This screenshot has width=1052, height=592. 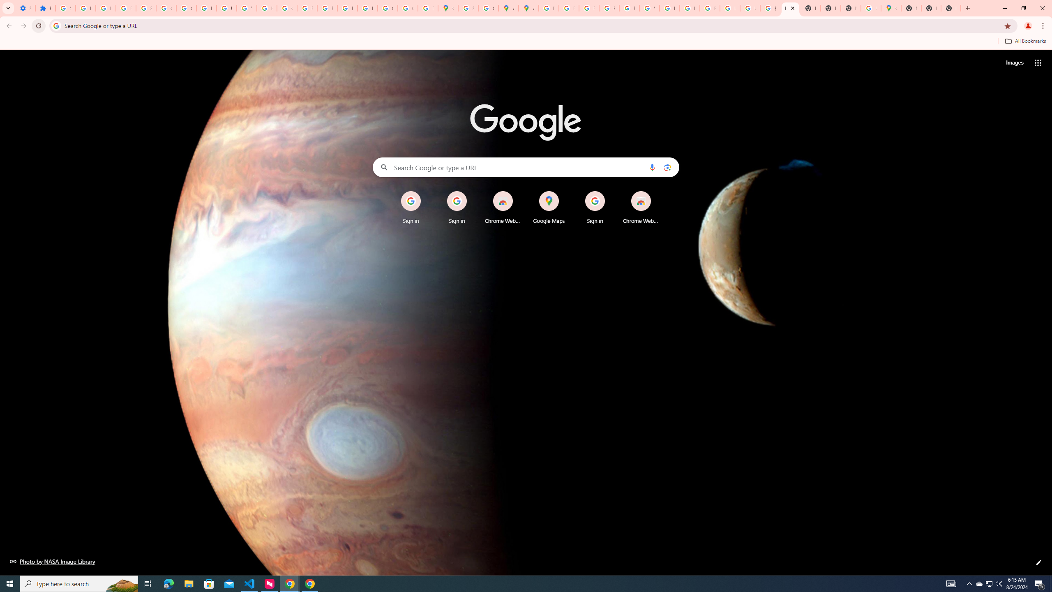 I want to click on 'New Tab', so click(x=951, y=8).